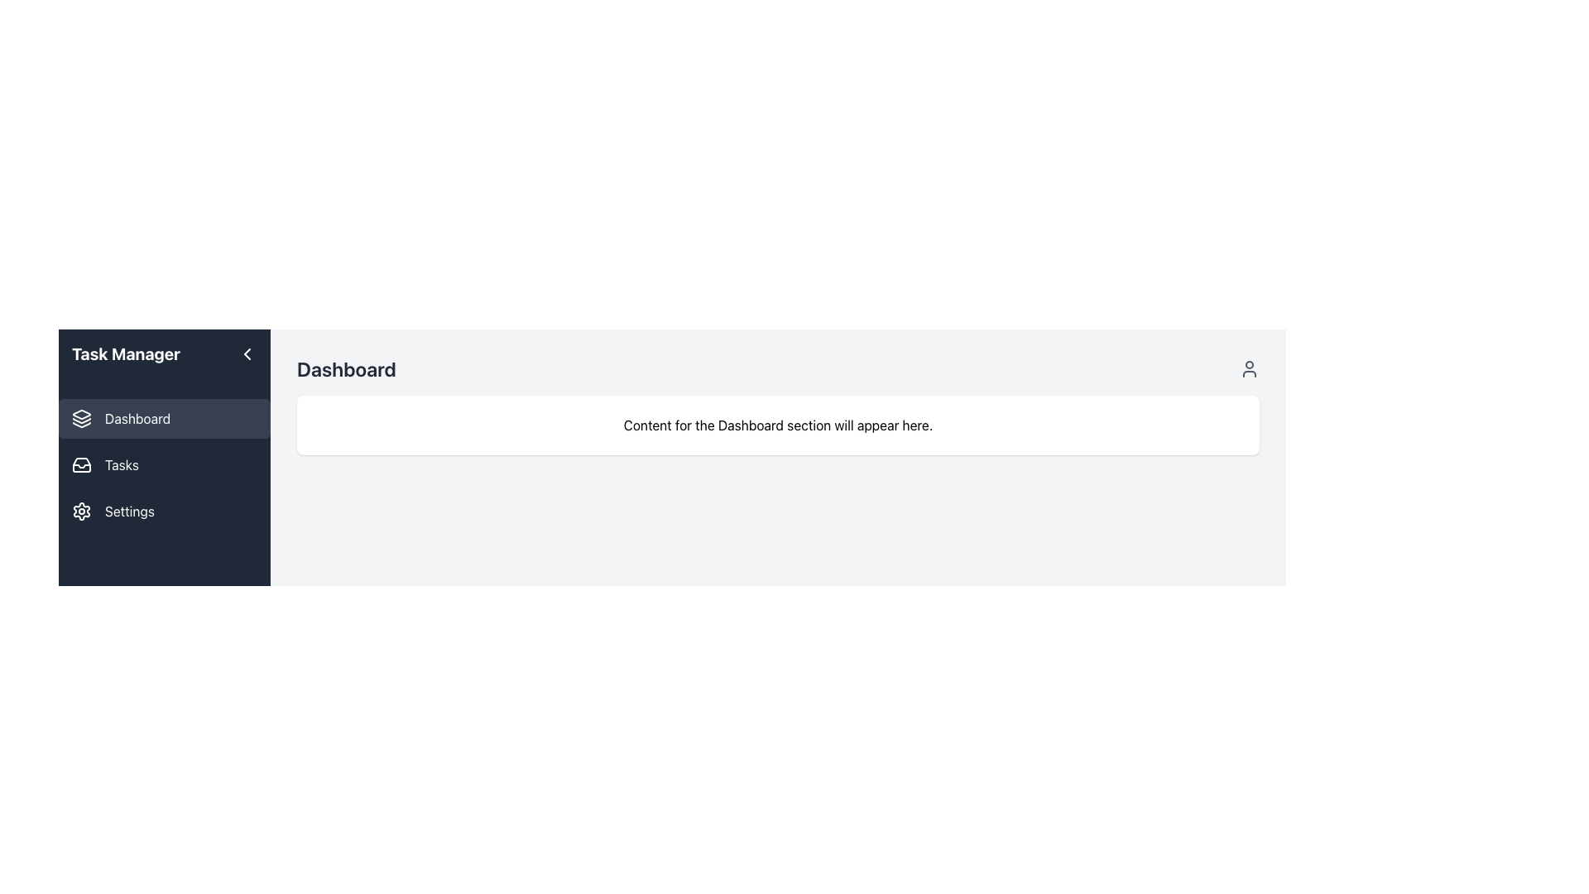  I want to click on the informative placeholder text that notifies users about the Dashboard section's content display, so click(777, 424).